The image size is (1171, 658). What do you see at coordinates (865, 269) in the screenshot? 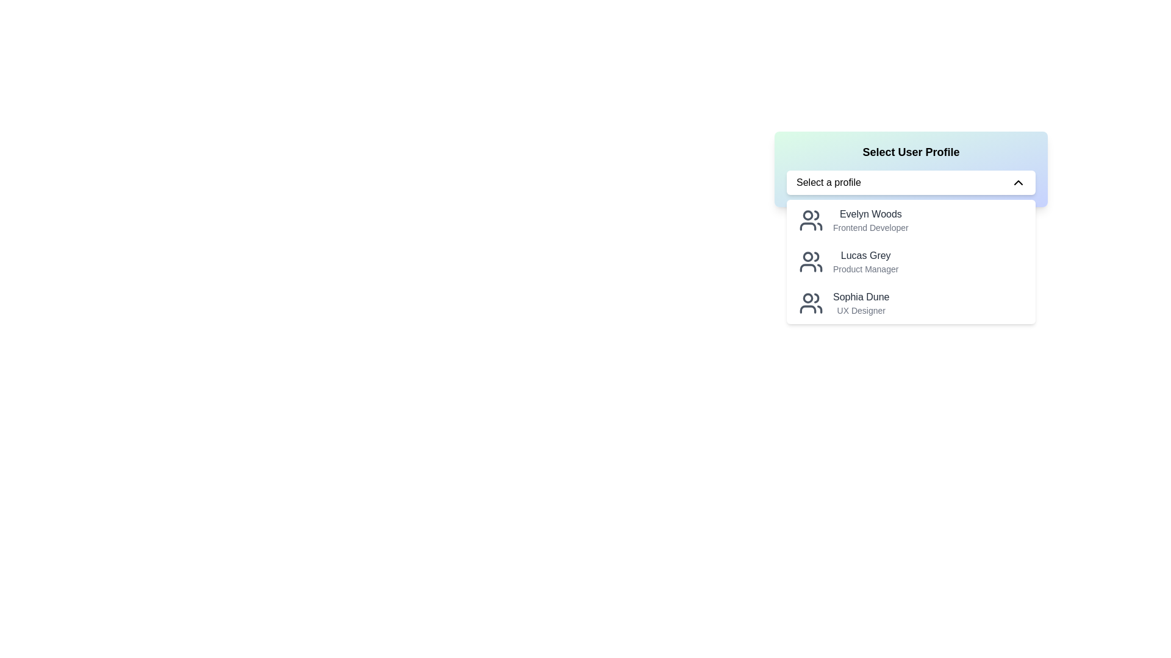
I see `the static text label displaying 'Product Manager', which is styled in gray and located below 'Lucas Grey' in the 'Select User Profile' dropdown list` at bounding box center [865, 269].